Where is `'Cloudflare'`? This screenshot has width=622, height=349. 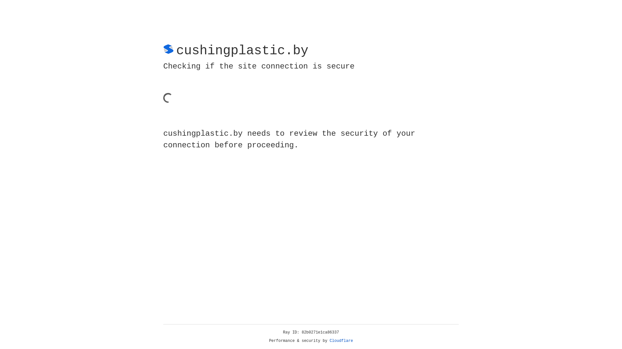 'Cloudflare' is located at coordinates (329, 341).